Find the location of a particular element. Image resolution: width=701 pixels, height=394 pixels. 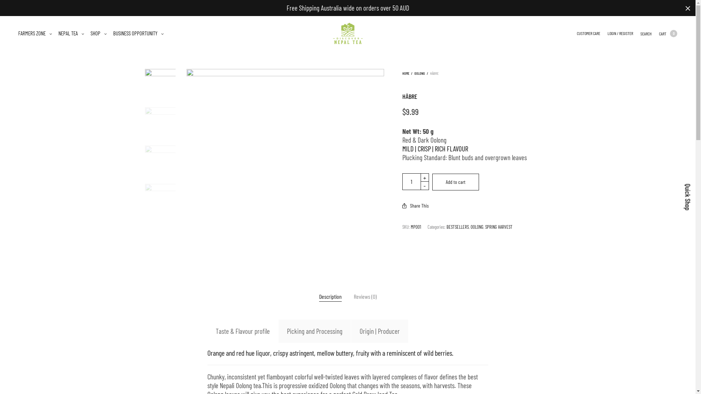

'Share This' is located at coordinates (402, 205).